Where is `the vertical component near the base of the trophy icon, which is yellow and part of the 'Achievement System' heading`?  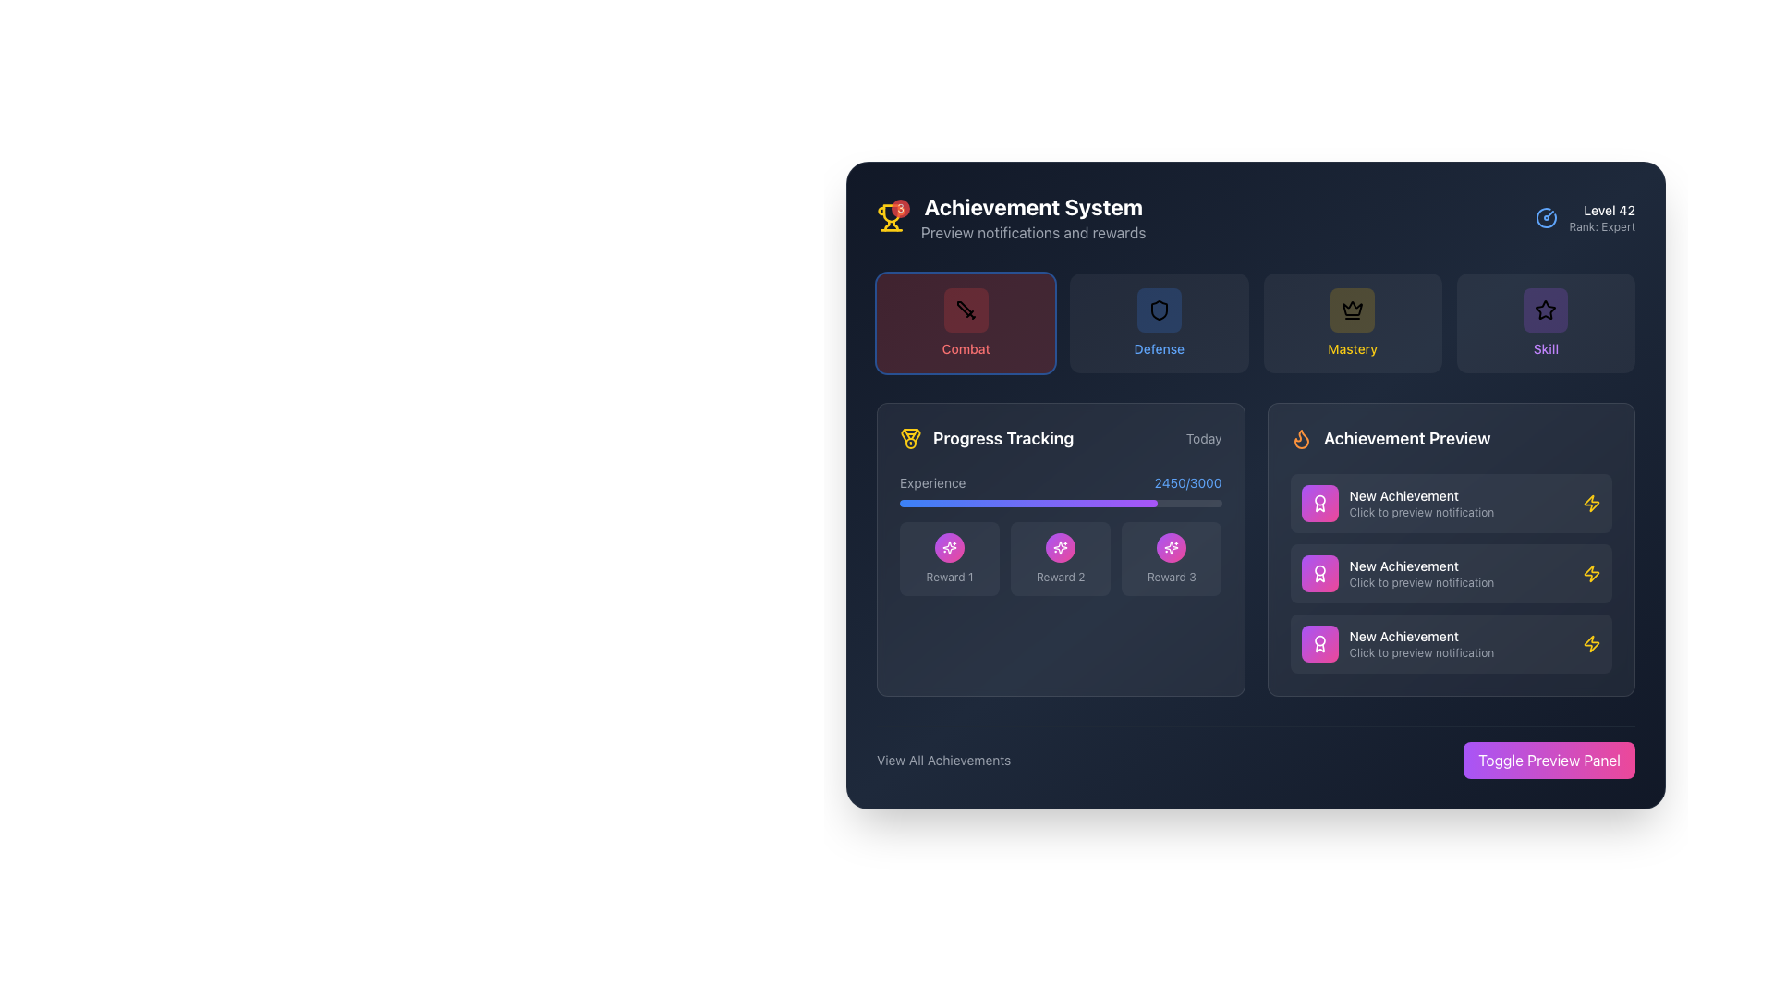 the vertical component near the base of the trophy icon, which is yellow and part of the 'Achievement System' heading is located at coordinates (887, 225).